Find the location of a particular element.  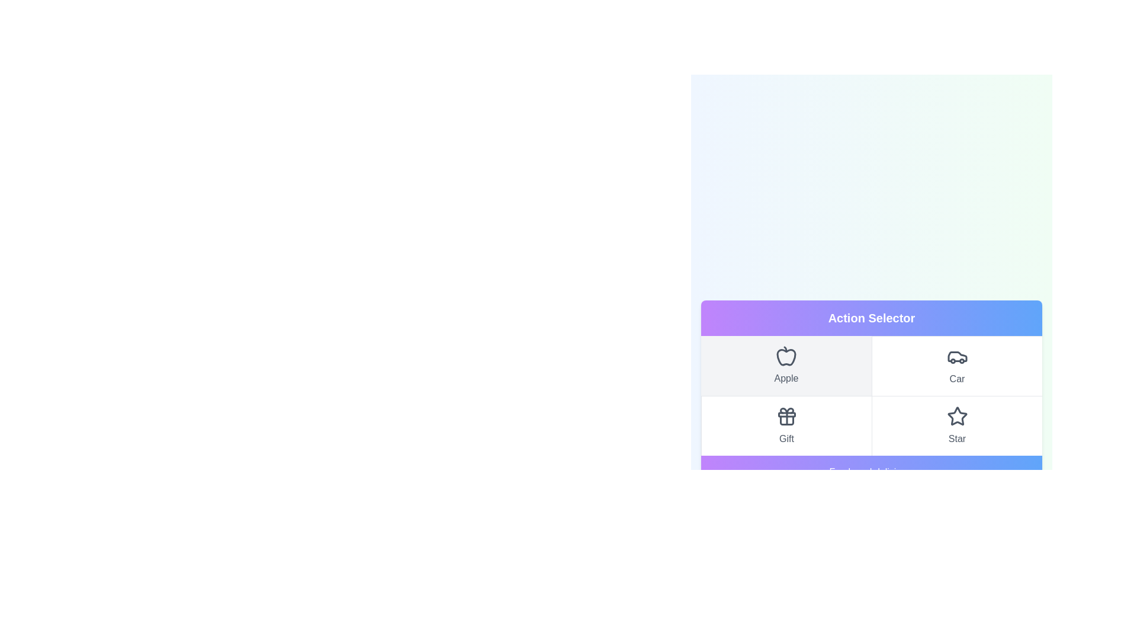

the 'Star' button, which features a star icon above the label 'Star', located in the bottom-right cell of a 2x2 grid within the 'Action Selector' section is located at coordinates (957, 424).